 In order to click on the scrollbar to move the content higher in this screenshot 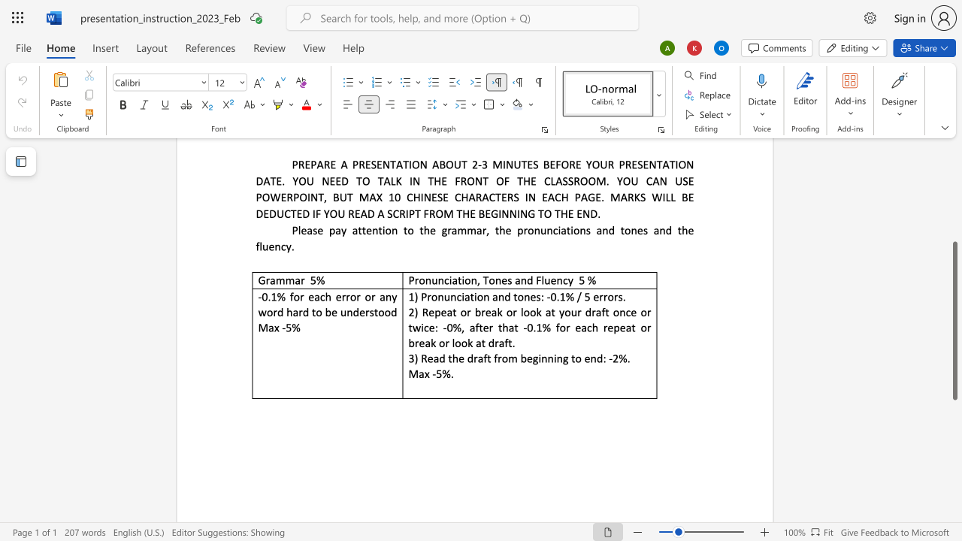, I will do `click(954, 165)`.